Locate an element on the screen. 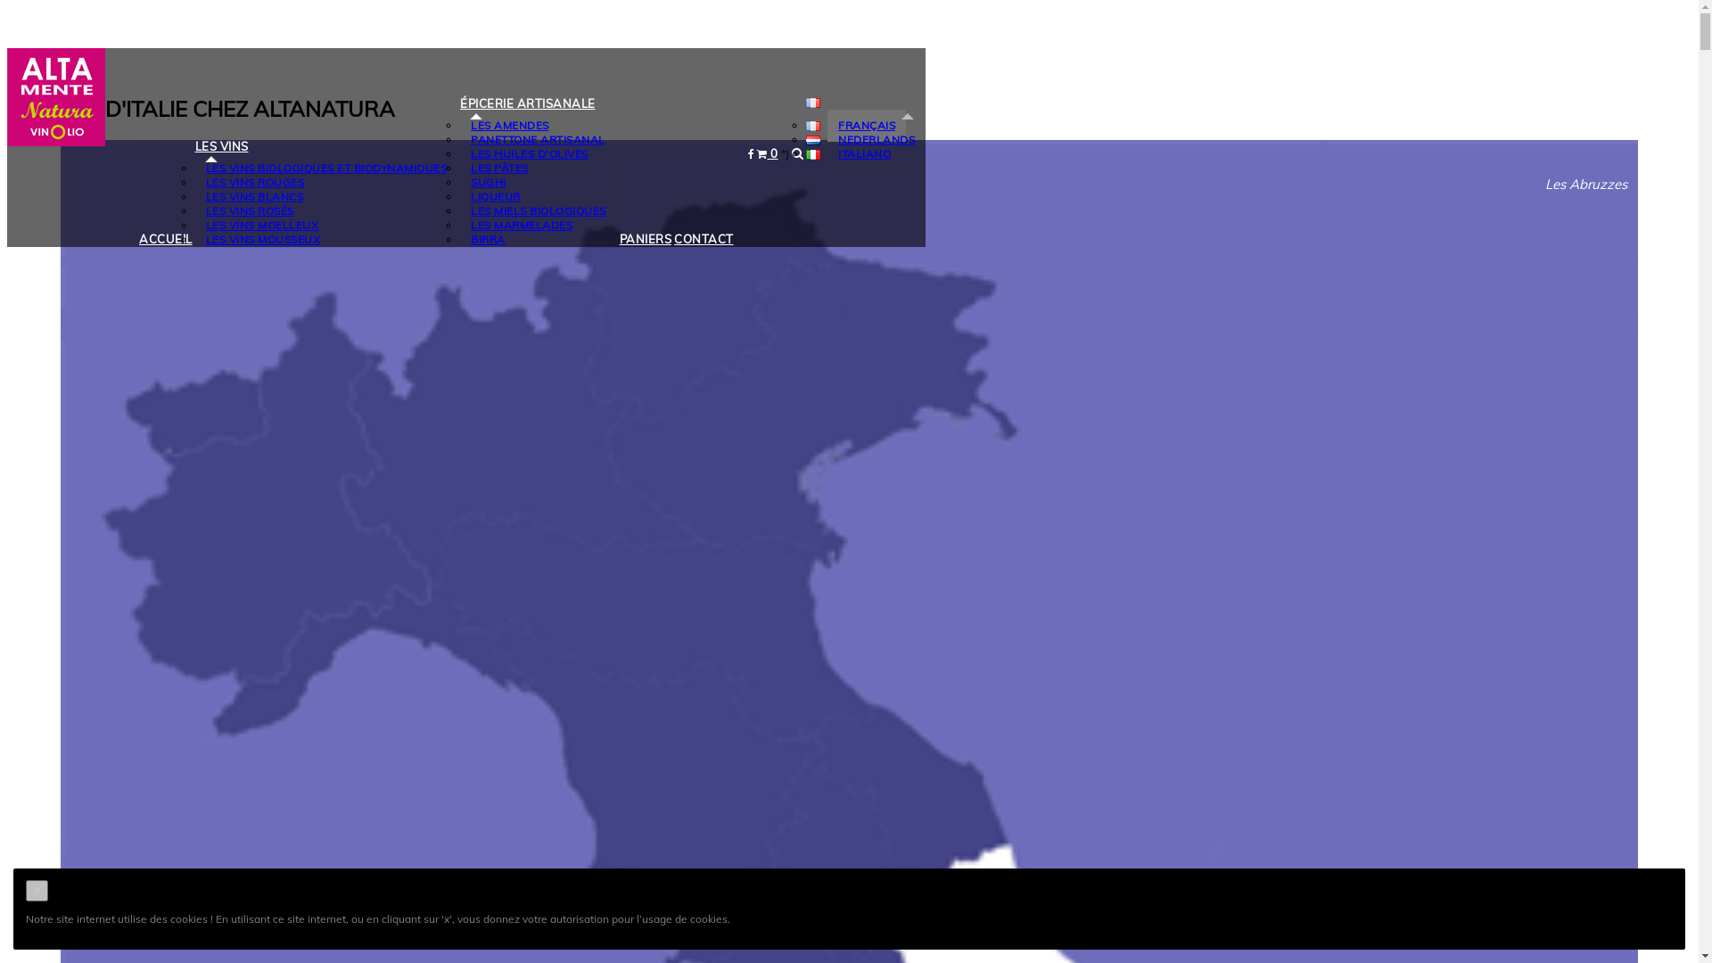  'PANETTONE ARTISANAL' is located at coordinates (537, 139).